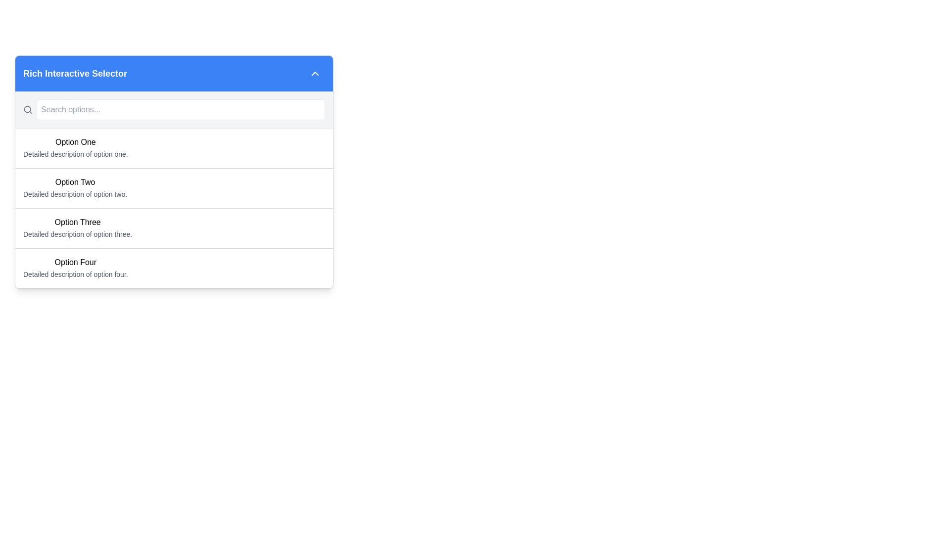 This screenshot has width=950, height=534. I want to click on the Text Label located directly beneath the title text of 'Option One', which provides additional details or explanation about the item, so click(75, 154).